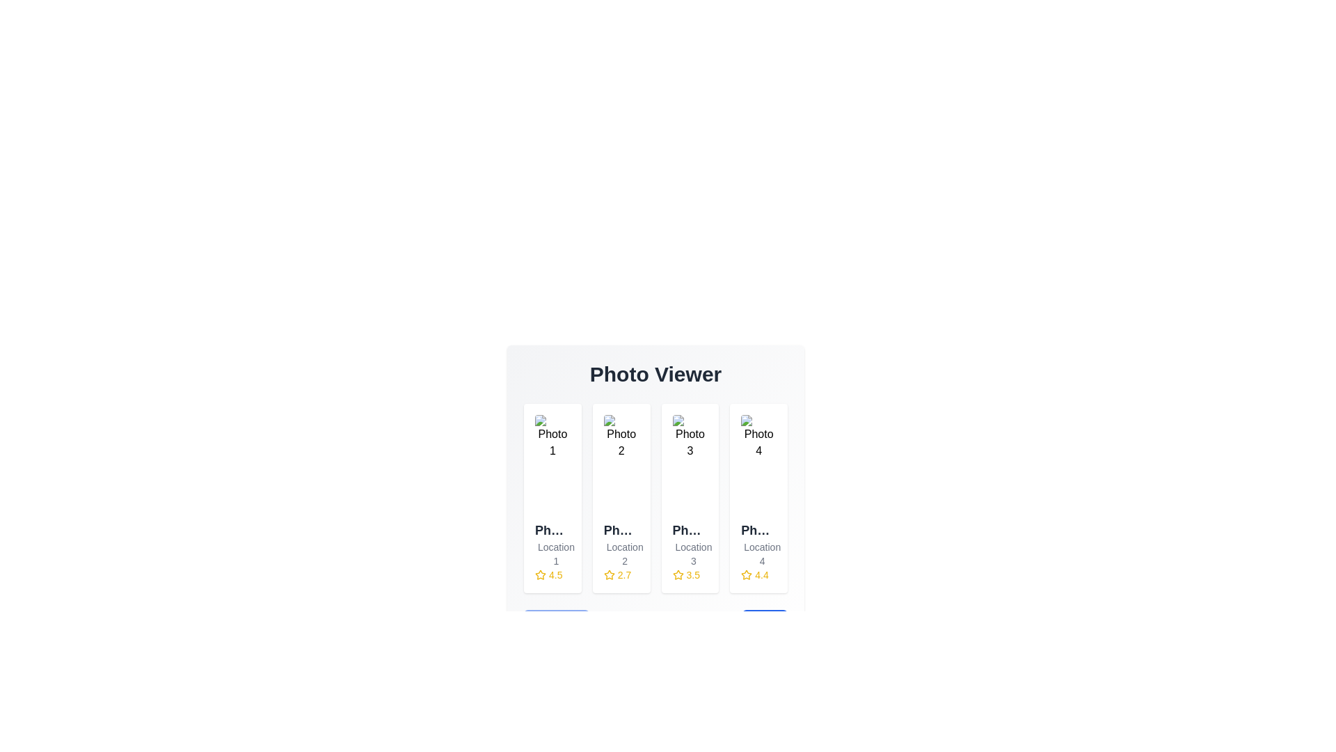 The width and height of the screenshot is (1336, 752). Describe the element at coordinates (655, 507) in the screenshot. I see `the second Photo card component located below the title 'Photo Viewer' in the display area` at that location.